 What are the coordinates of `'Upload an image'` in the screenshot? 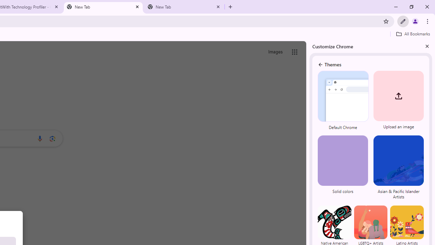 It's located at (398, 101).